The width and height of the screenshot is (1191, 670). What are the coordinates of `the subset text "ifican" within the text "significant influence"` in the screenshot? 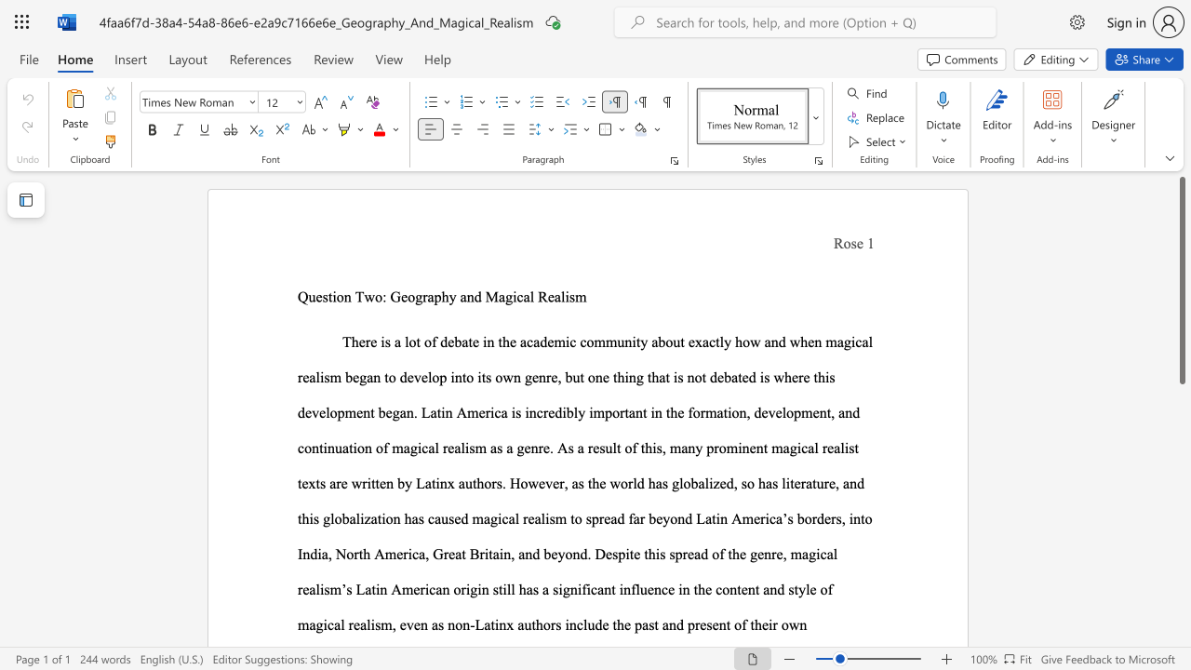 It's located at (576, 589).